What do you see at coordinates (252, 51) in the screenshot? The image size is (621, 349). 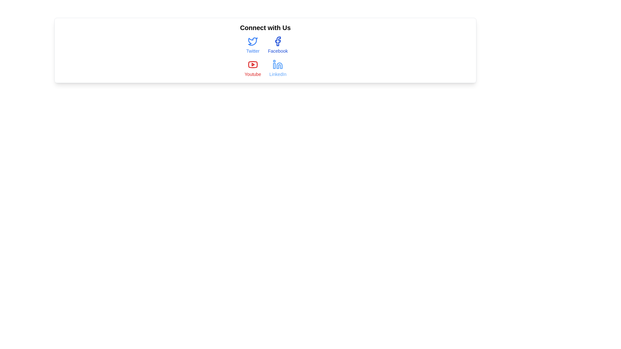 I see `the textual link labeled 'Twitter', which is styled in a smaller font size and positioned directly beneath the Twitter icon in the first column of social media links` at bounding box center [252, 51].